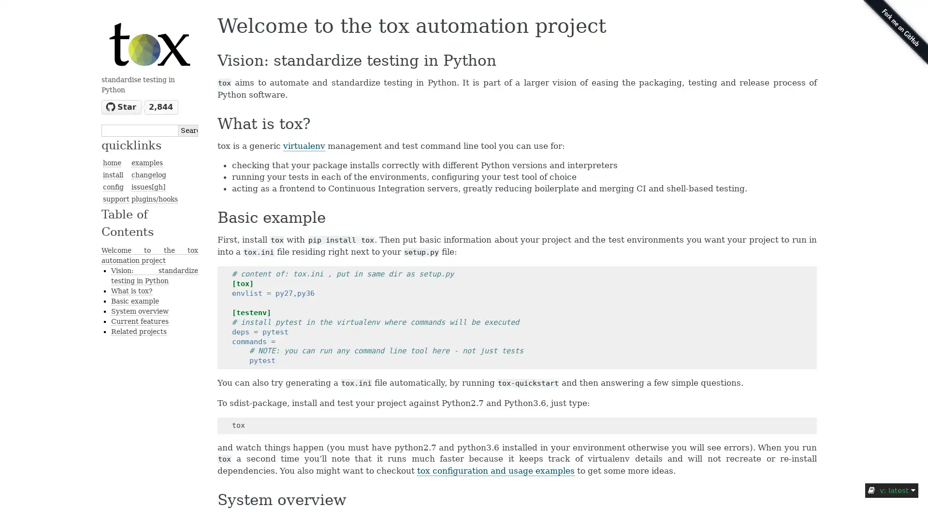  What do you see at coordinates (188, 130) in the screenshot?
I see `Search` at bounding box center [188, 130].